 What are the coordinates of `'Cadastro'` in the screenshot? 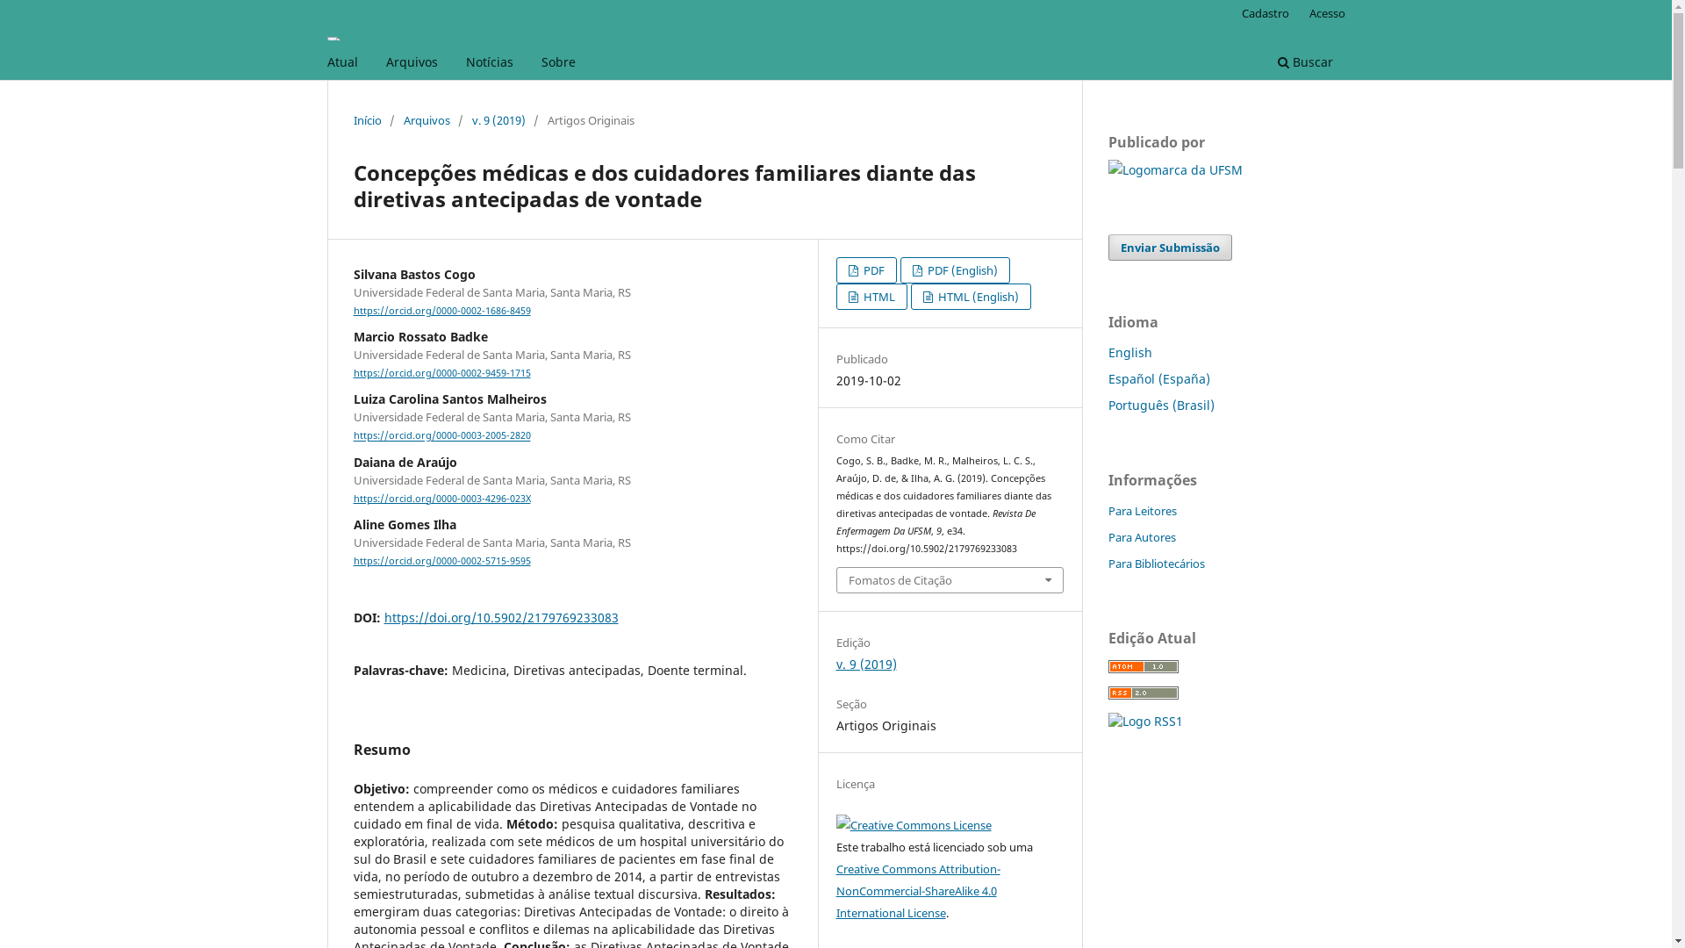 It's located at (1232, 13).